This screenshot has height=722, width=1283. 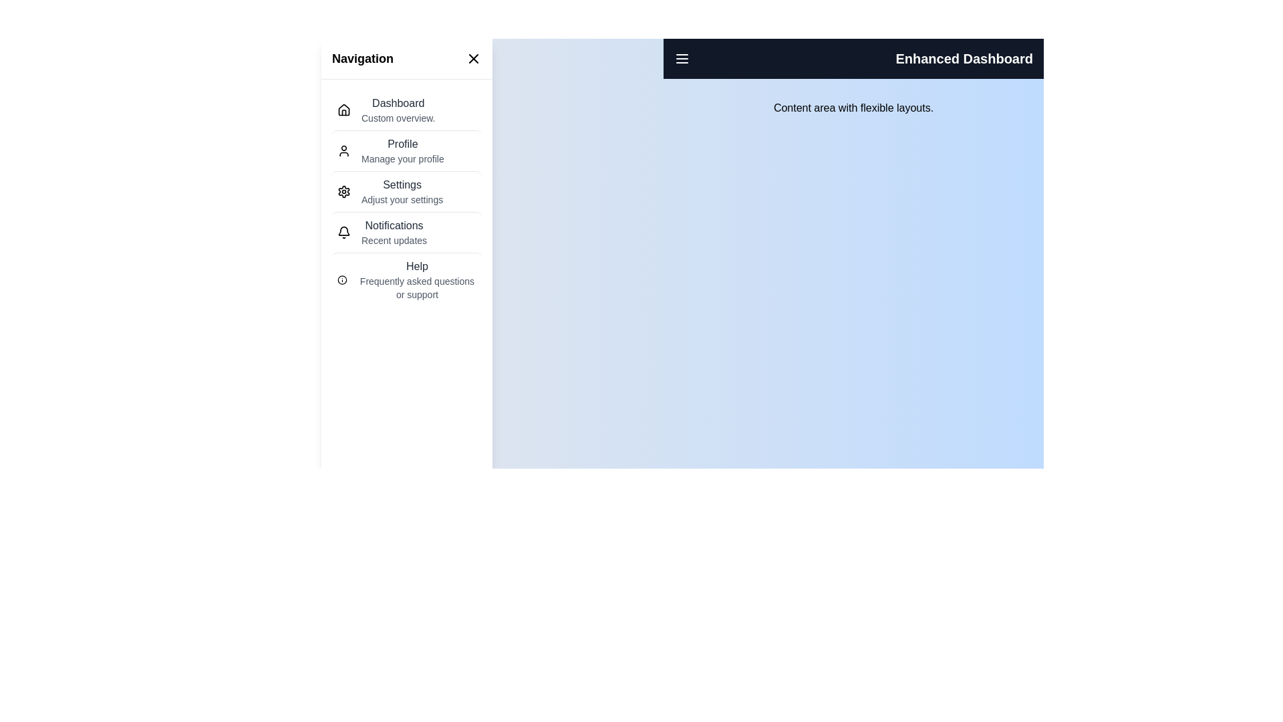 I want to click on the fourth item in the vertical list of the sidebar navigation menu, so click(x=406, y=231).